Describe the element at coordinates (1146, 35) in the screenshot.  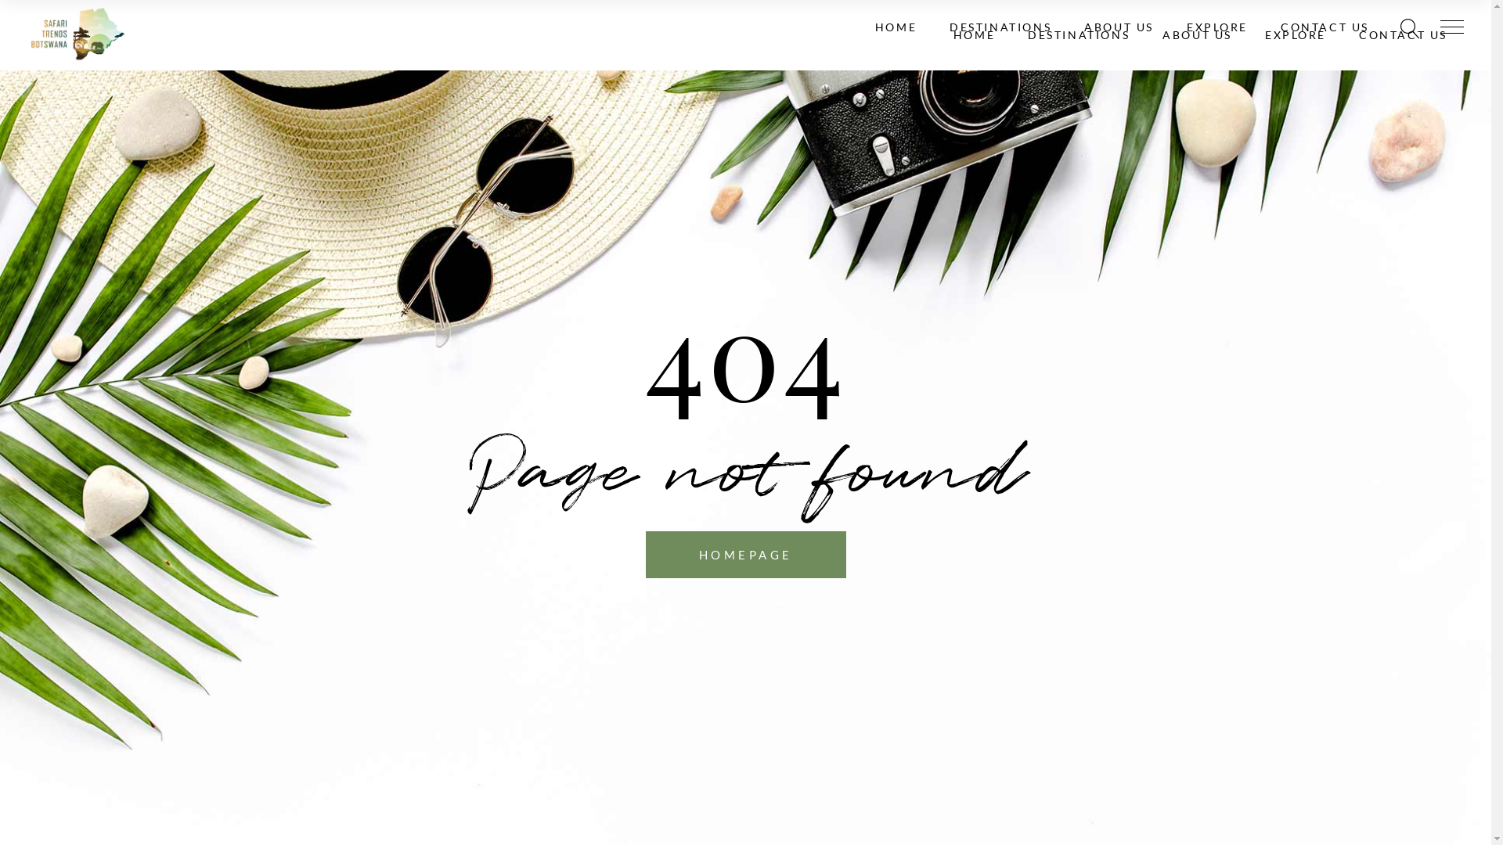
I see `'ABOUT US'` at that location.